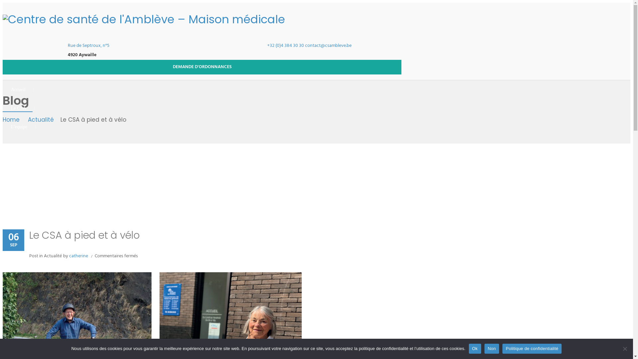 This screenshot has height=359, width=638. Describe the element at coordinates (484, 348) in the screenshot. I see `'Non'` at that location.